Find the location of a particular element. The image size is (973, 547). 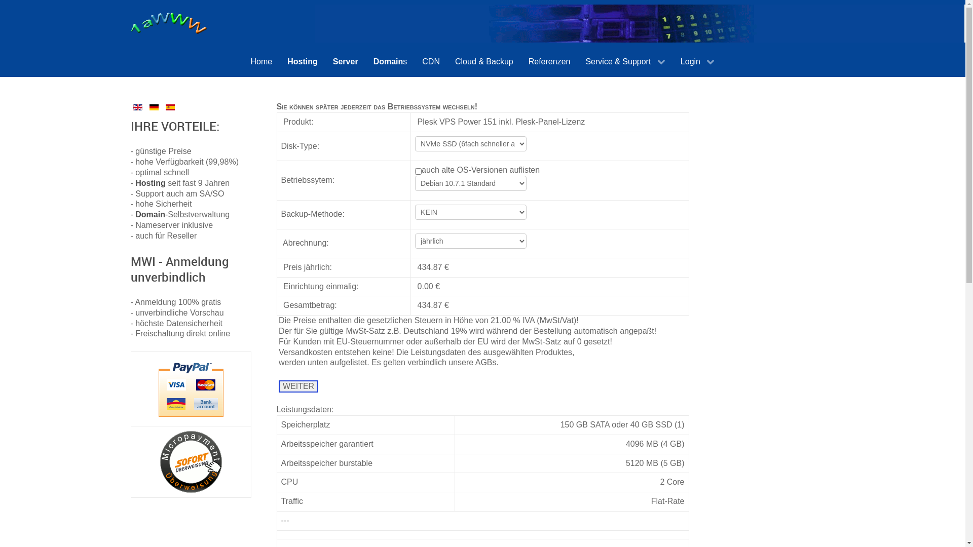

'Login' is located at coordinates (673, 62).